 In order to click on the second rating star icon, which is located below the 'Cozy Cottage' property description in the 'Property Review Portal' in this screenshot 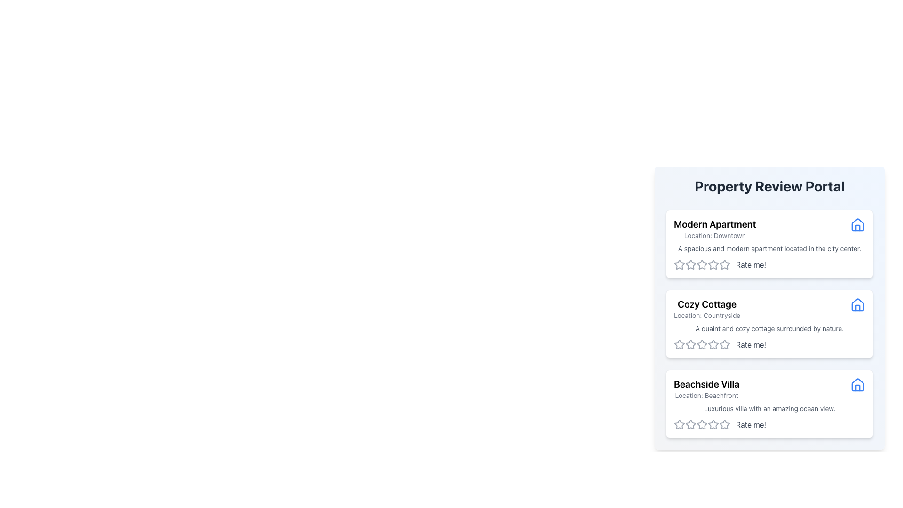, I will do `click(690, 344)`.